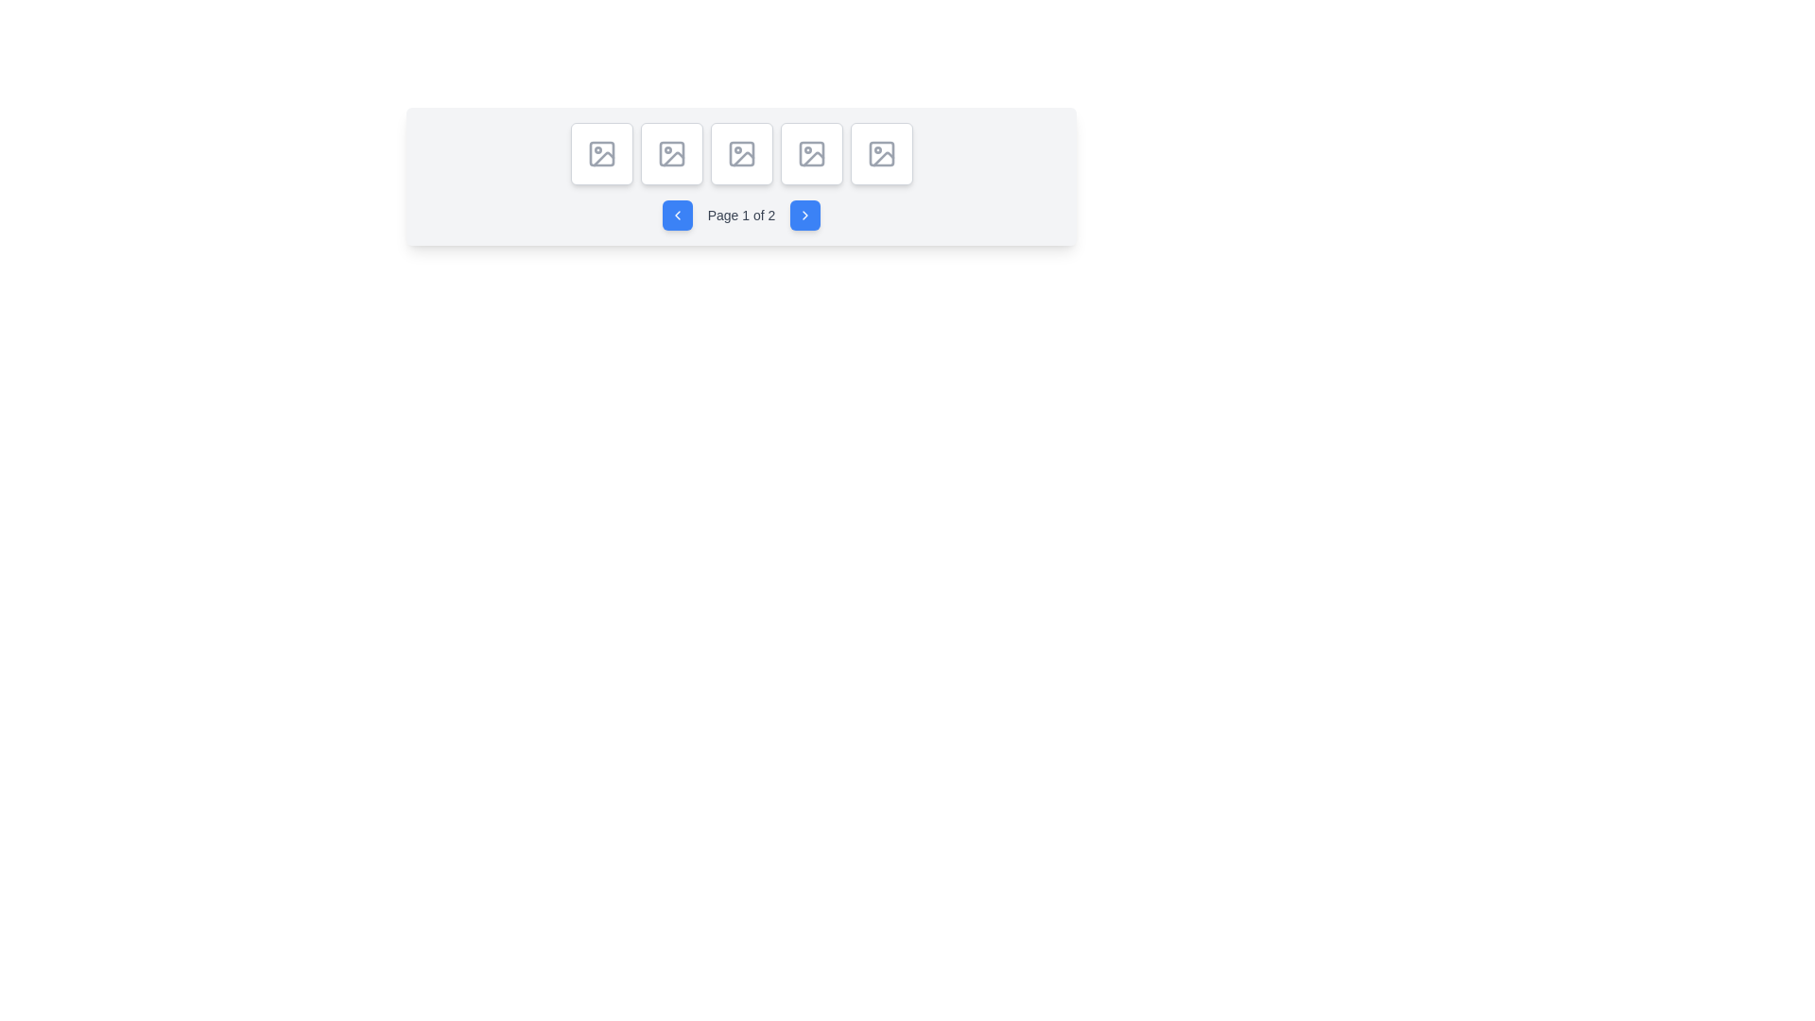 Image resolution: width=1815 pixels, height=1021 pixels. I want to click on the second Placeholder card with icon in the grid layout to interact with its image-related functionality, so click(671, 152).